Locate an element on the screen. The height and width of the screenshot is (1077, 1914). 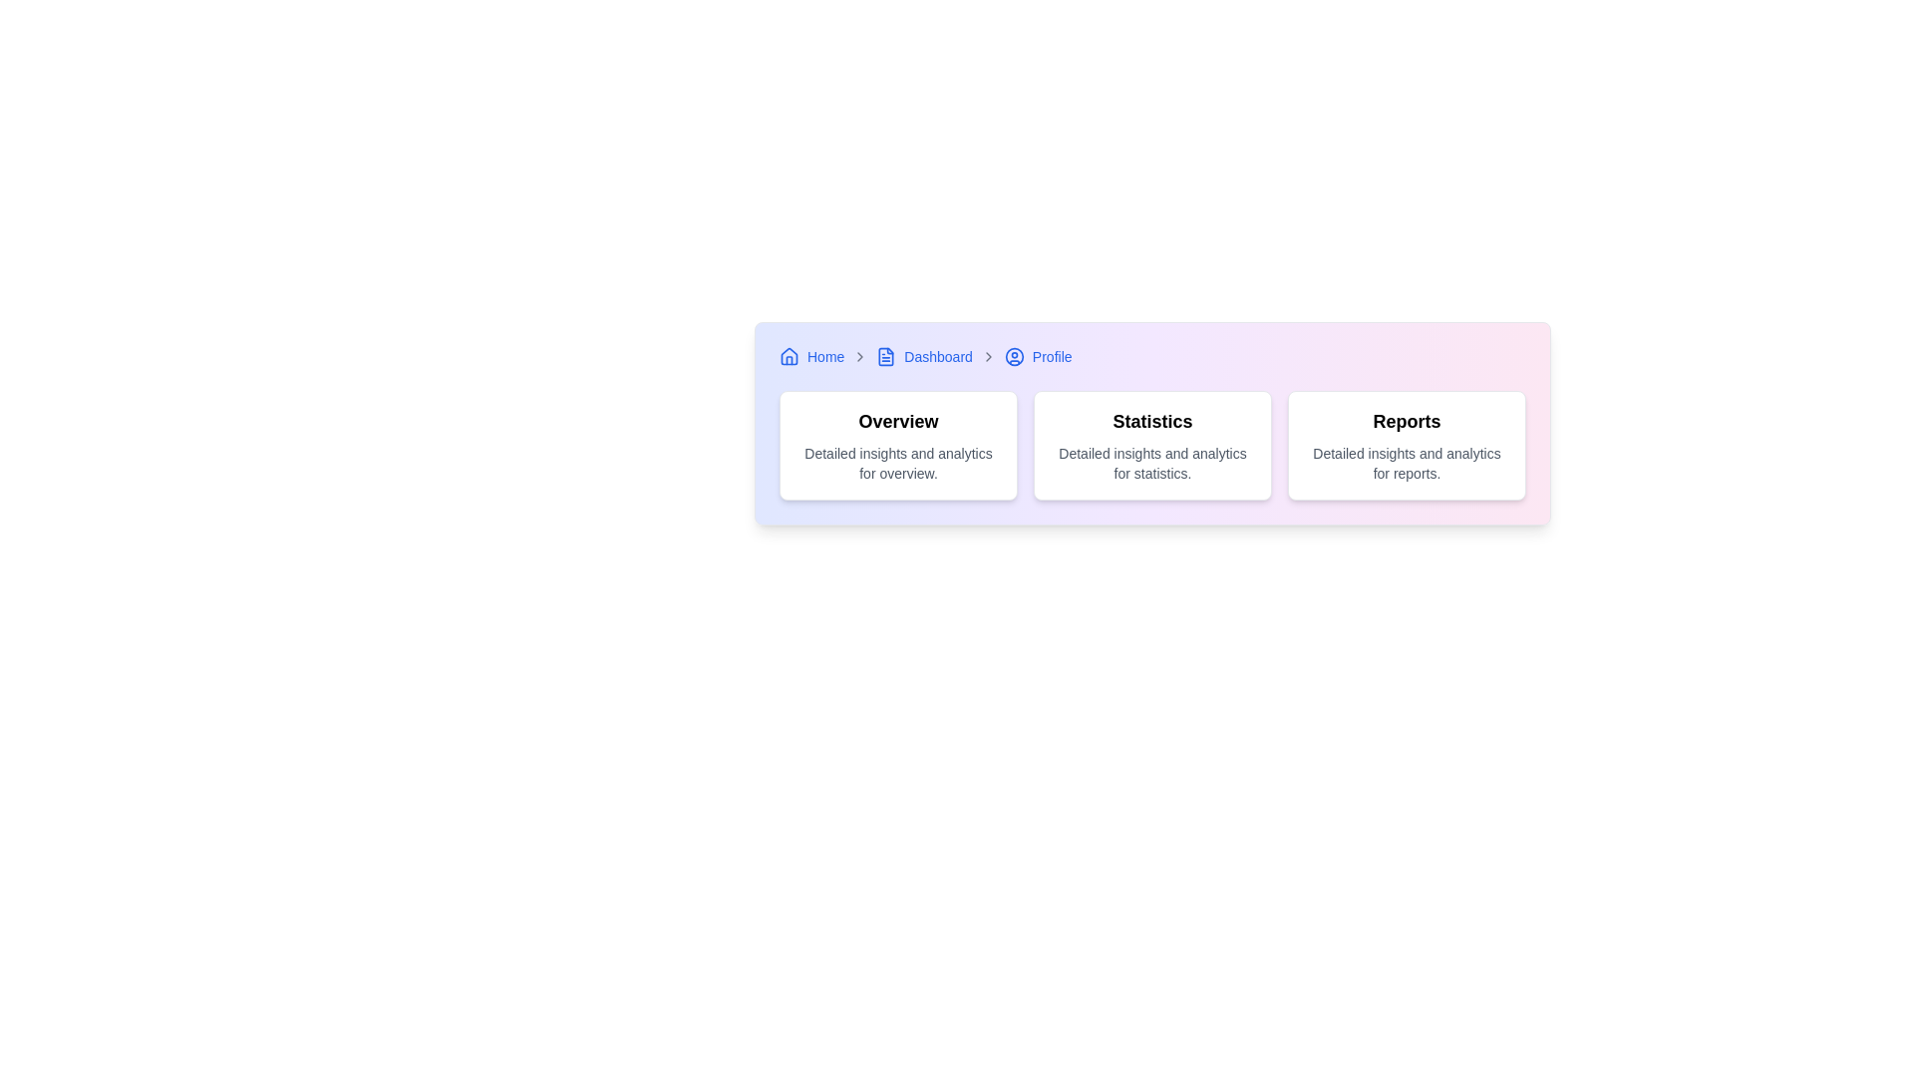
the text block styled in a smaller, gray font below the 'Reports' heading, which contains the description 'Detailed insights and analytics for reports.' is located at coordinates (1406, 464).